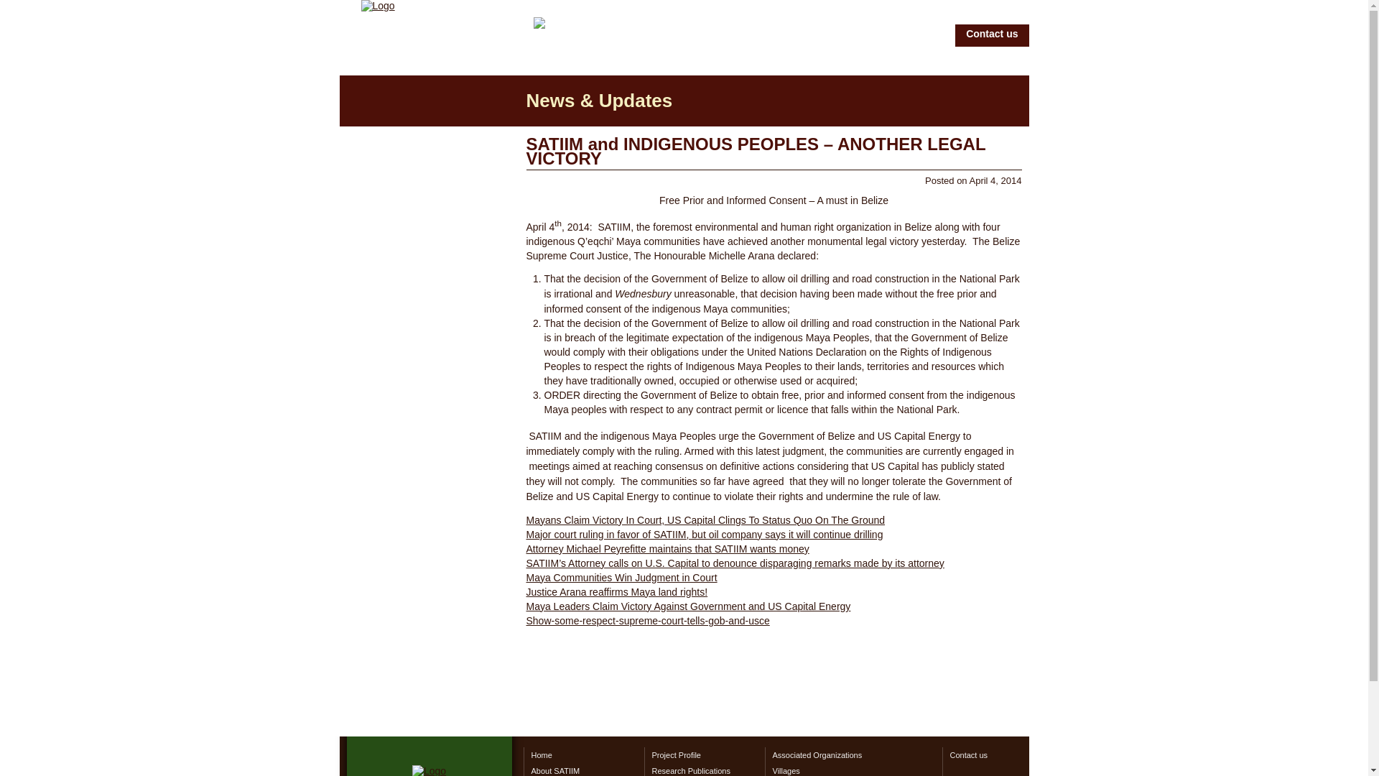 The height and width of the screenshot is (776, 1379). I want to click on 'Contact us', so click(991, 34).